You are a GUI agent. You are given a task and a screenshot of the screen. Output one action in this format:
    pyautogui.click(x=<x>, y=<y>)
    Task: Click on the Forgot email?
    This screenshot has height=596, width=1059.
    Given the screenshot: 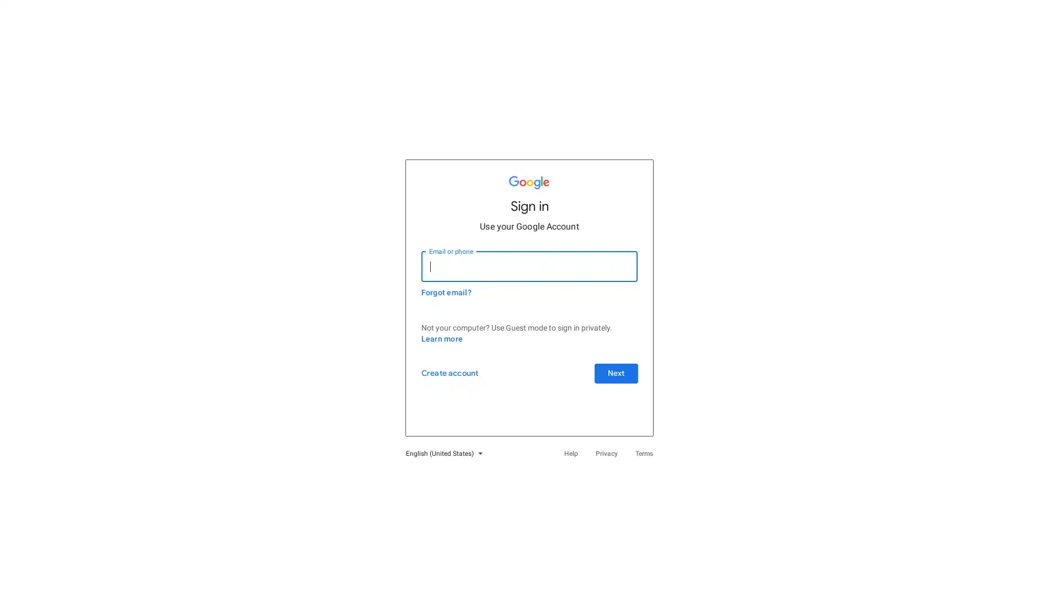 What is the action you would take?
    pyautogui.click(x=453, y=302)
    